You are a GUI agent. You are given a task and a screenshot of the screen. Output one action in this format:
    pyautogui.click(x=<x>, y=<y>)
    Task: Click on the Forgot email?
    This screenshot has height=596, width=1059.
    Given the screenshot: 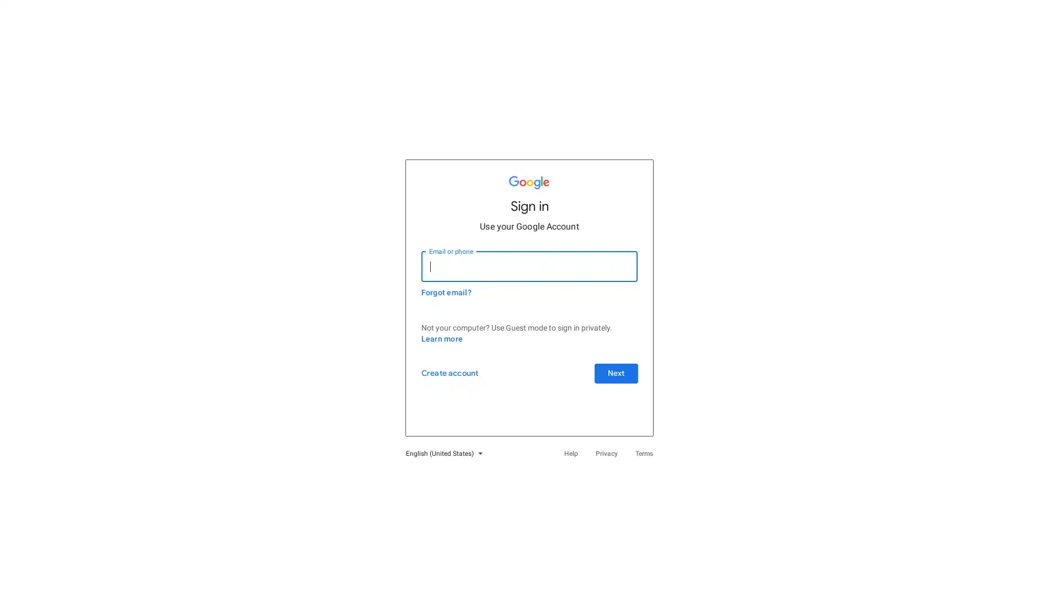 What is the action you would take?
    pyautogui.click(x=453, y=302)
    